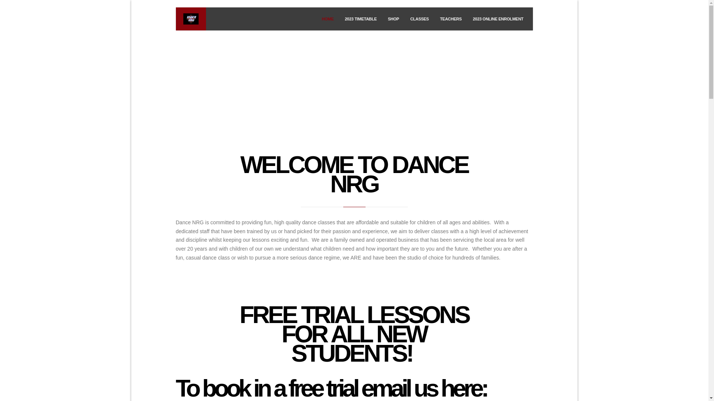 This screenshot has height=401, width=714. Describe the element at coordinates (404, 19) in the screenshot. I see `'CLASSES'` at that location.